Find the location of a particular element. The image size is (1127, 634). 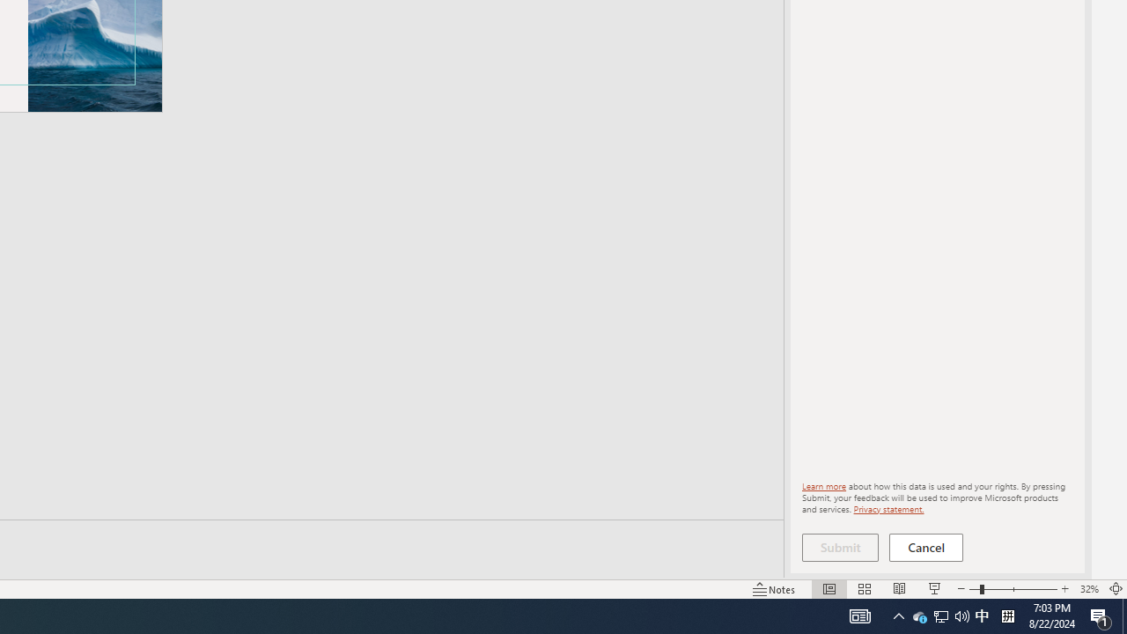

'Normal' is located at coordinates (829, 589).